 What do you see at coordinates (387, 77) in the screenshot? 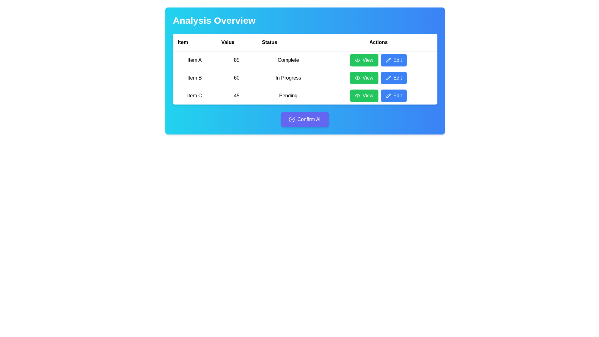
I see `the pencil icon in the 'Actions' column of the second row in the 'Analysis Overview' table to initiate the edit functionality for 'Item B' with a status of 'In Progress.'` at bounding box center [387, 77].